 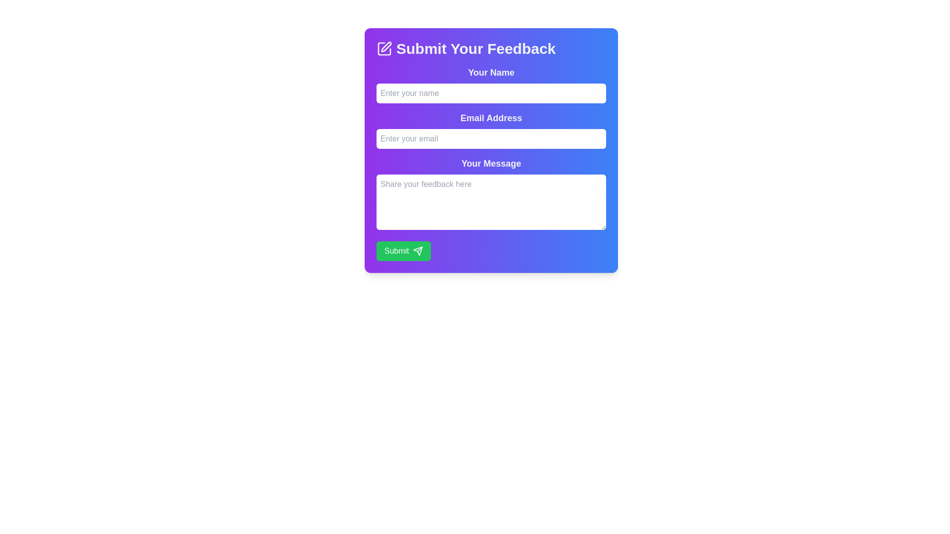 What do you see at coordinates (491, 163) in the screenshot?
I see `the text label 'Your Message', which is the third label in the form section of the card-like interface, featuring a bold, semibold font style in white against a purple-to-blue gradient background` at bounding box center [491, 163].